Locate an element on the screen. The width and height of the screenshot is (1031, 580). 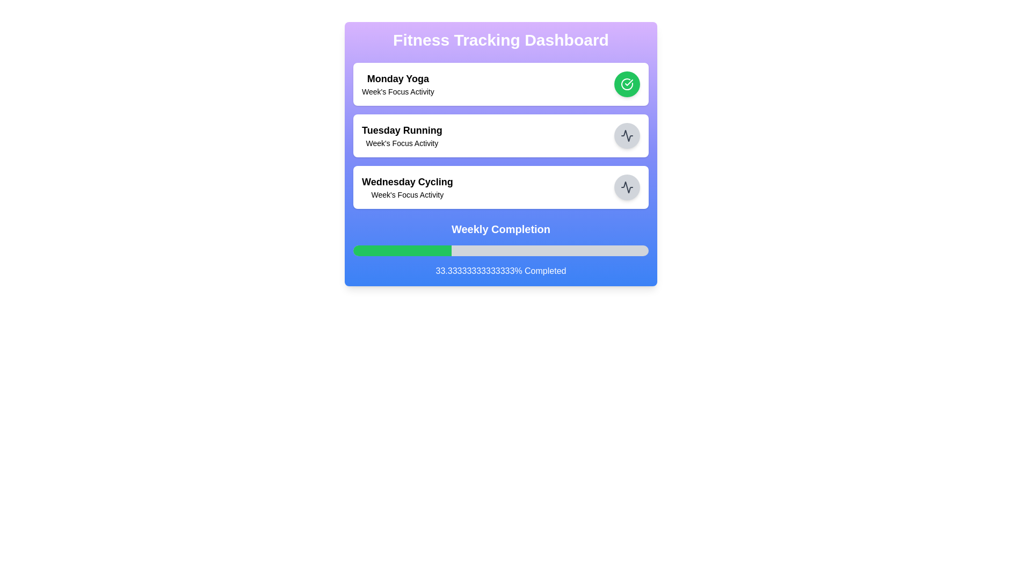
the circular button with a light gray background and a pulse line icon, located next to the 'Tuesday Running' text within its card component is located at coordinates (627, 135).